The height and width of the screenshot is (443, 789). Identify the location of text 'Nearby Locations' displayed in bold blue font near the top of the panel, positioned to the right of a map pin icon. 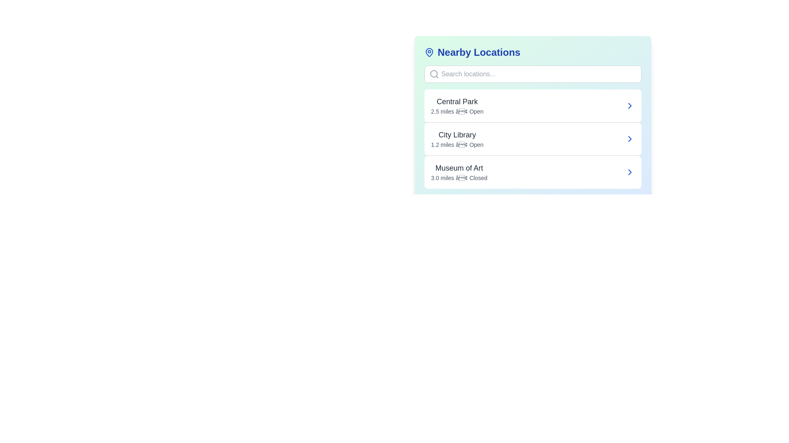
(479, 52).